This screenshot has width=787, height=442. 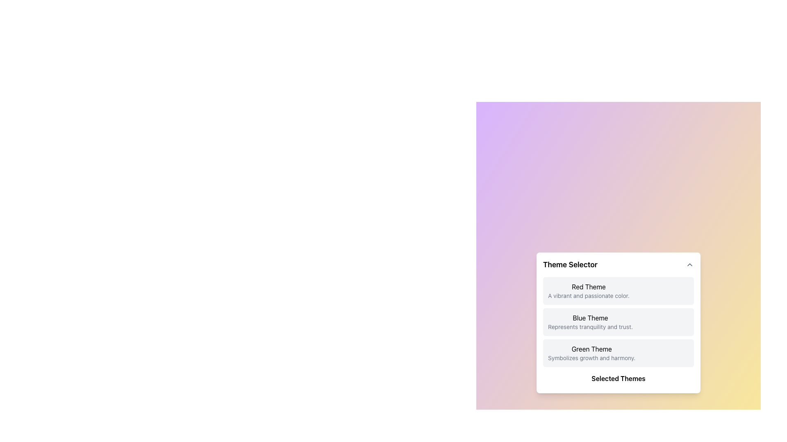 What do you see at coordinates (618, 290) in the screenshot?
I see `the first List Item labeled 'Red Theme' in the 'Theme Selector' group` at bounding box center [618, 290].